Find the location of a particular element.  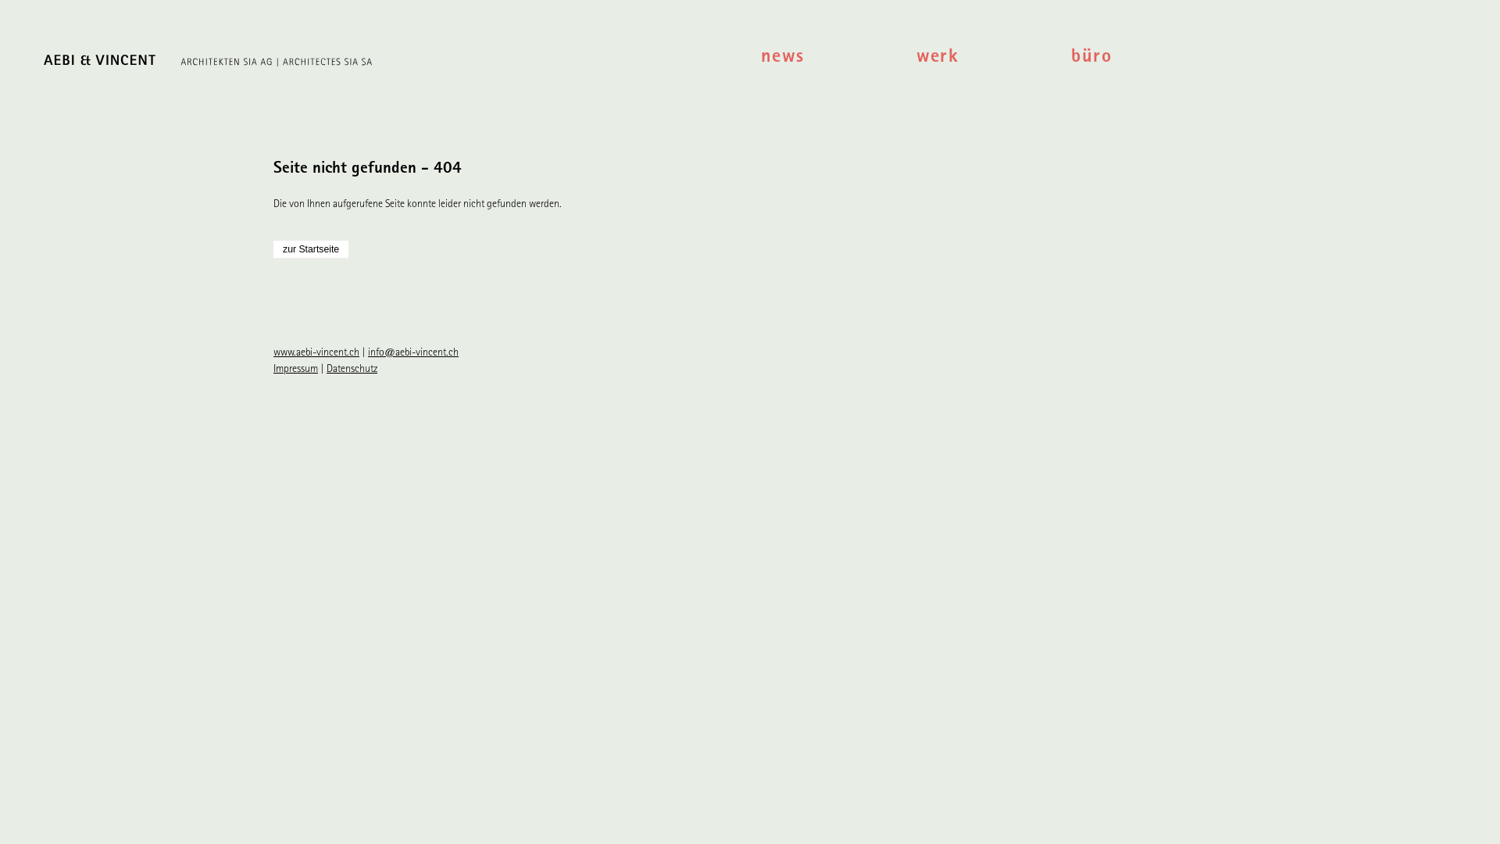

'hc.tnecniv-ibea@ofni' is located at coordinates (412, 352).